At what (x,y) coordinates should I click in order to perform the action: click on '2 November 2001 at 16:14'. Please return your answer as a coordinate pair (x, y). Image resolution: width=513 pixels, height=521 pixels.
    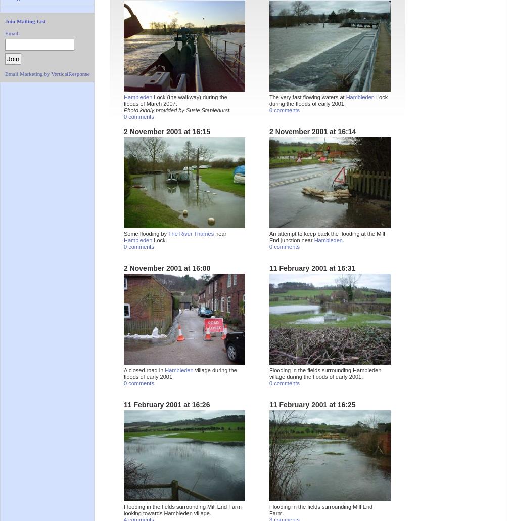
    Looking at the image, I should click on (312, 131).